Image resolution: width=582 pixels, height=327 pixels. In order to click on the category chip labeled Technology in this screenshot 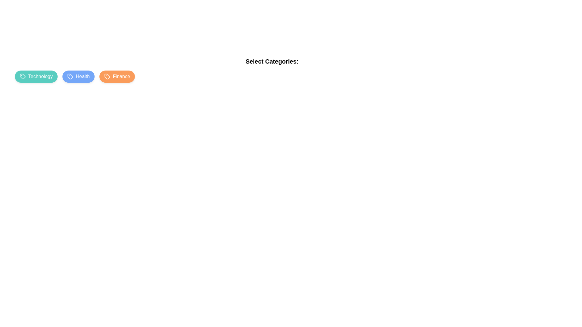, I will do `click(36, 76)`.